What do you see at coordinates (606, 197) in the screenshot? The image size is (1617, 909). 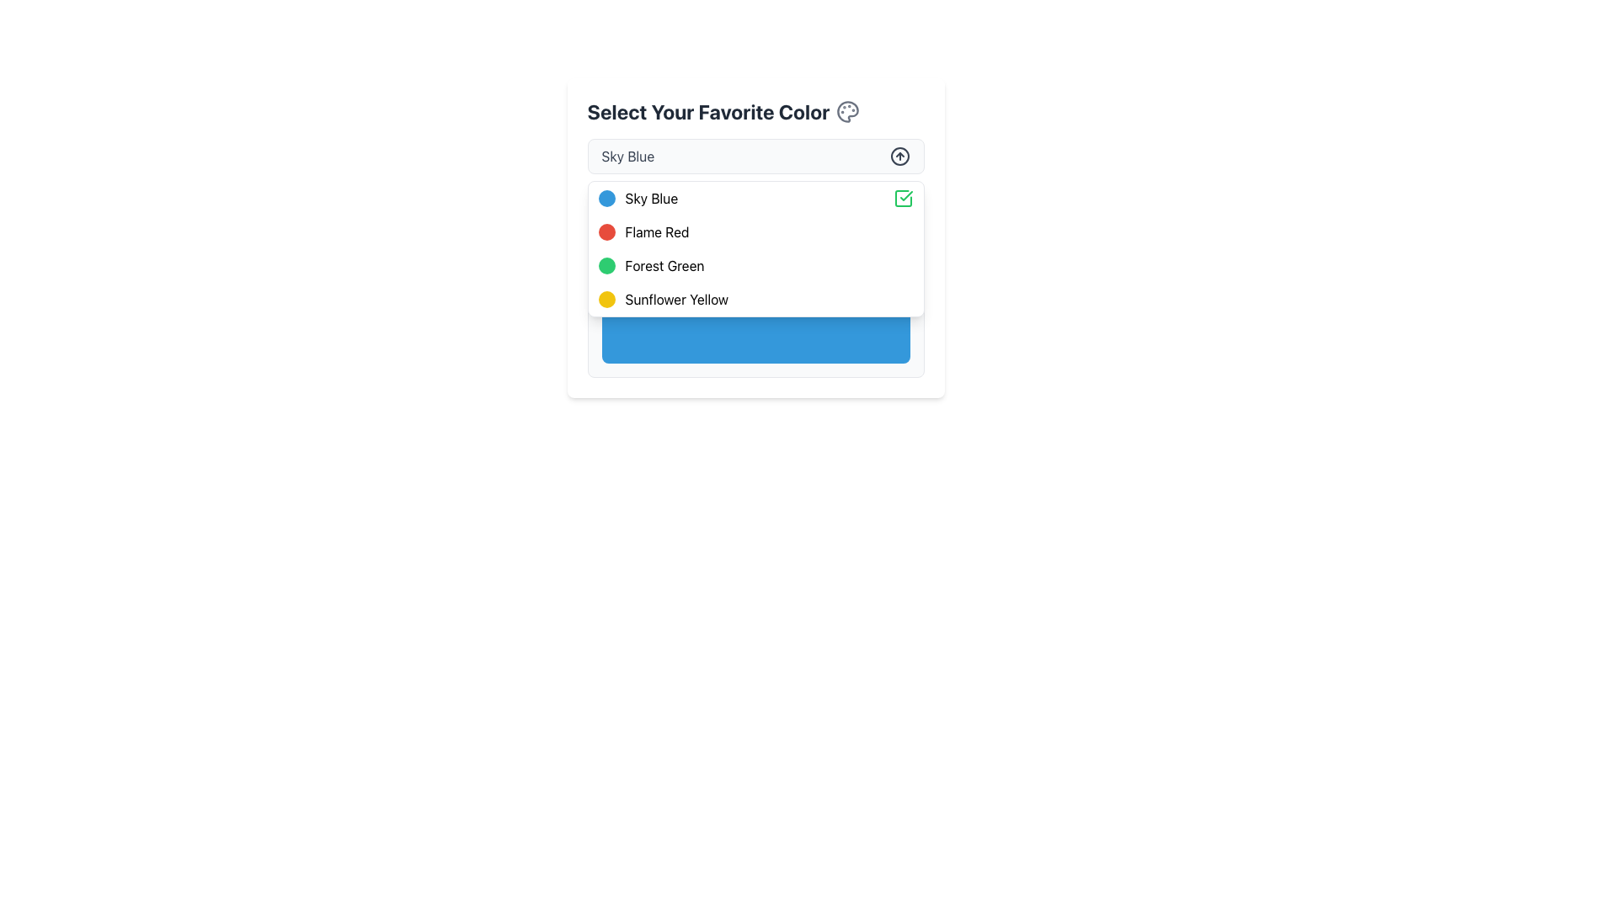 I see `the Color Indicator representing the color 'Sky Blue' within the dropdown menu` at bounding box center [606, 197].